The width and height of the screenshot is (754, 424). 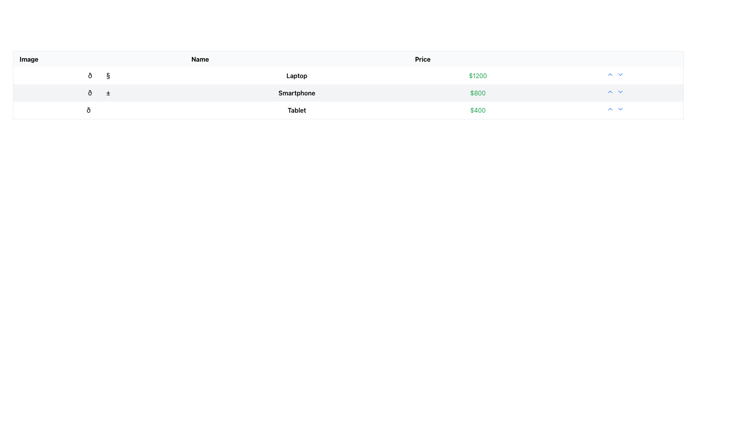 What do you see at coordinates (99, 92) in the screenshot?
I see `the emoji styled character resembling a smartphone in the first column of the table, which is aligned with the description 'Smartphone'` at bounding box center [99, 92].